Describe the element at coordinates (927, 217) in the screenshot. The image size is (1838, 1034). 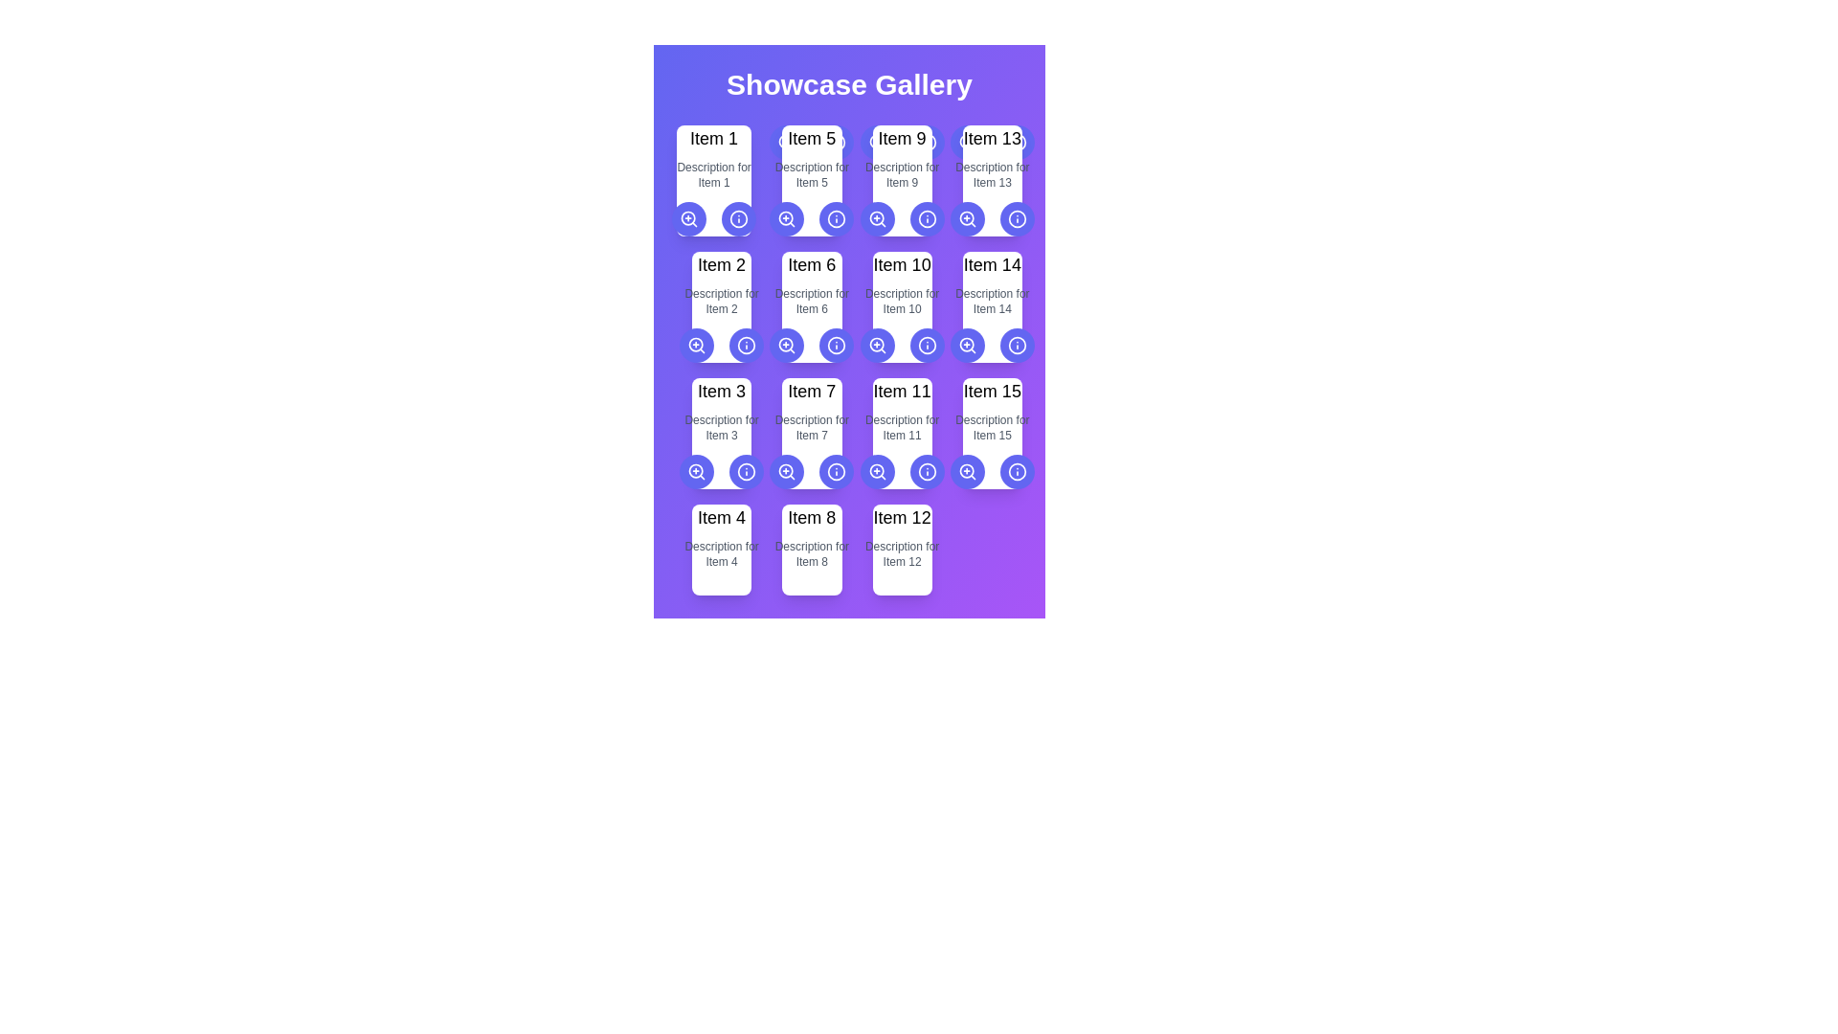
I see `the circular button with an 'information' icon that is the second element in a horizontal layout beneath the card labeled 'Item 9'` at that location.